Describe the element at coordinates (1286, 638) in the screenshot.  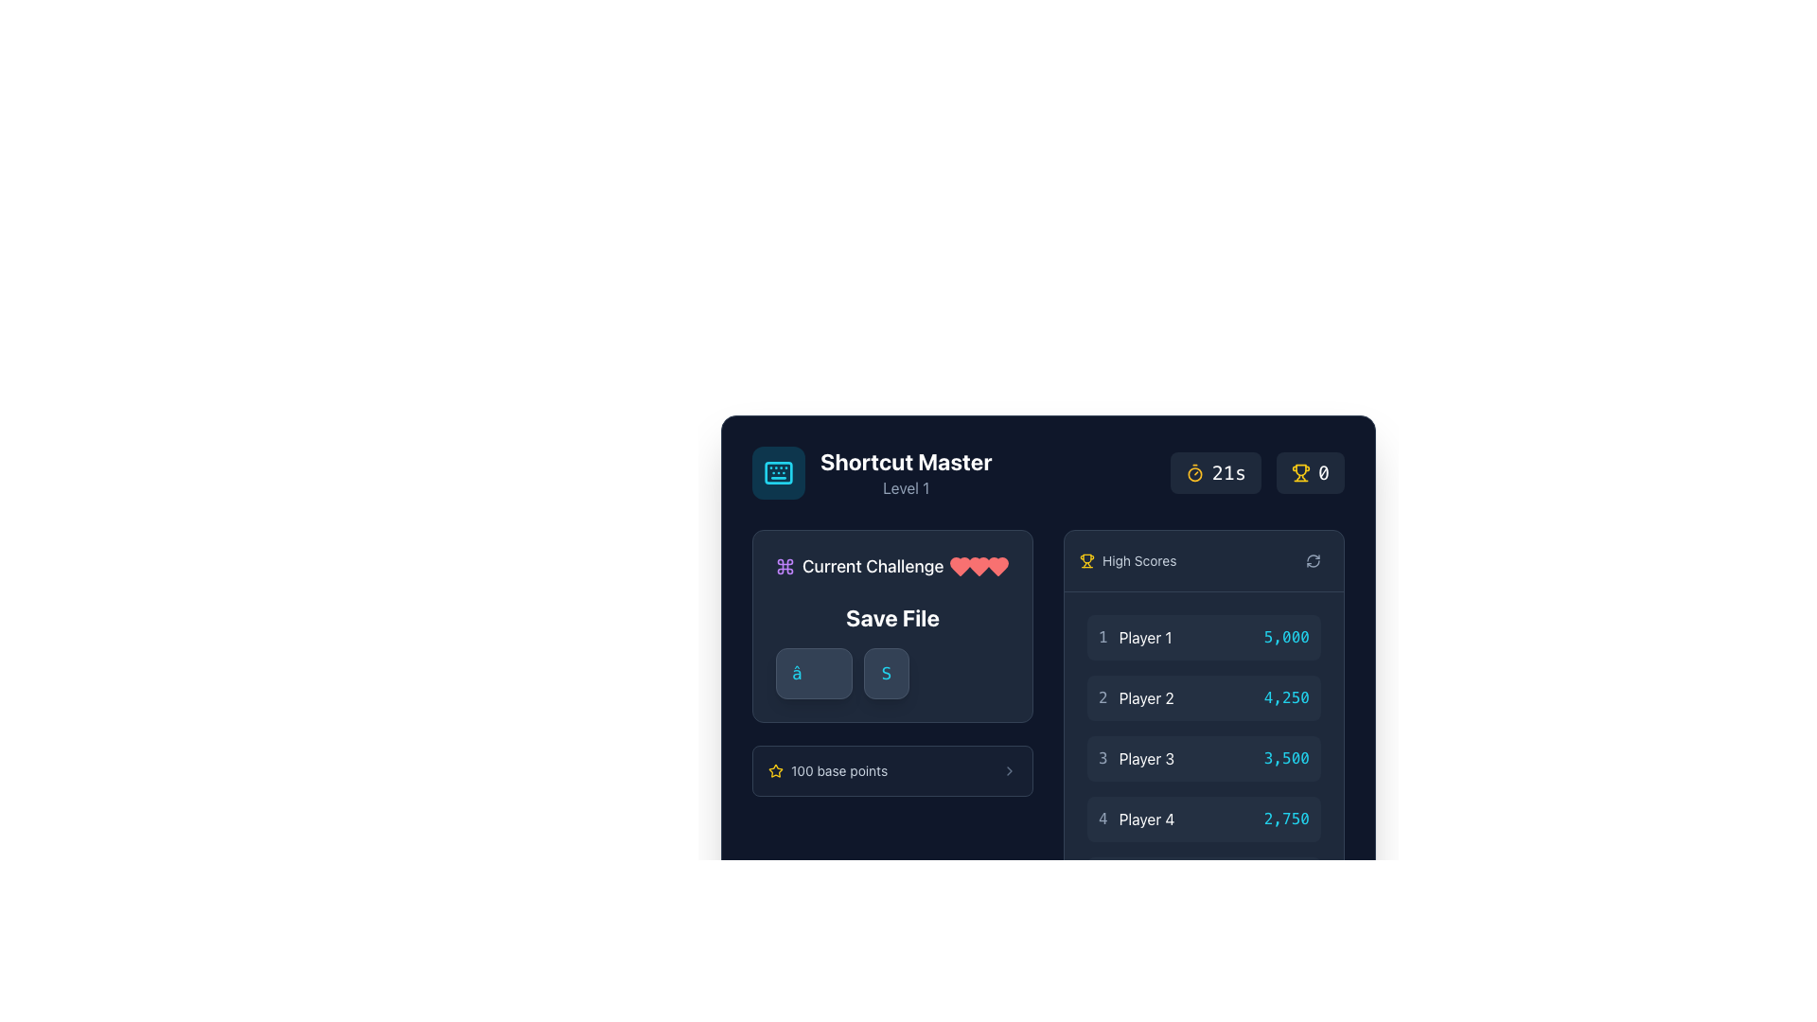
I see `the text label displaying '5,000', which is styled in a monospaced font with a cyan color, located next to 'Player 1' in the 'High Scores' section` at that location.